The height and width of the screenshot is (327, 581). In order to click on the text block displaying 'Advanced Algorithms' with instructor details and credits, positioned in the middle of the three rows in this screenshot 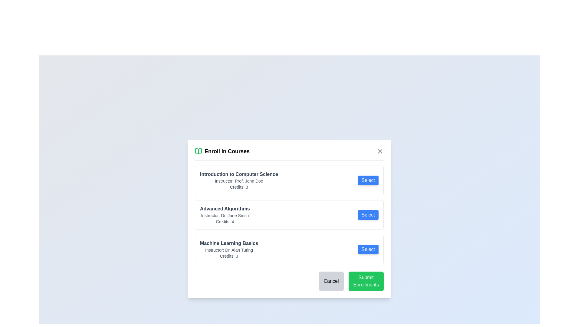, I will do `click(225, 214)`.